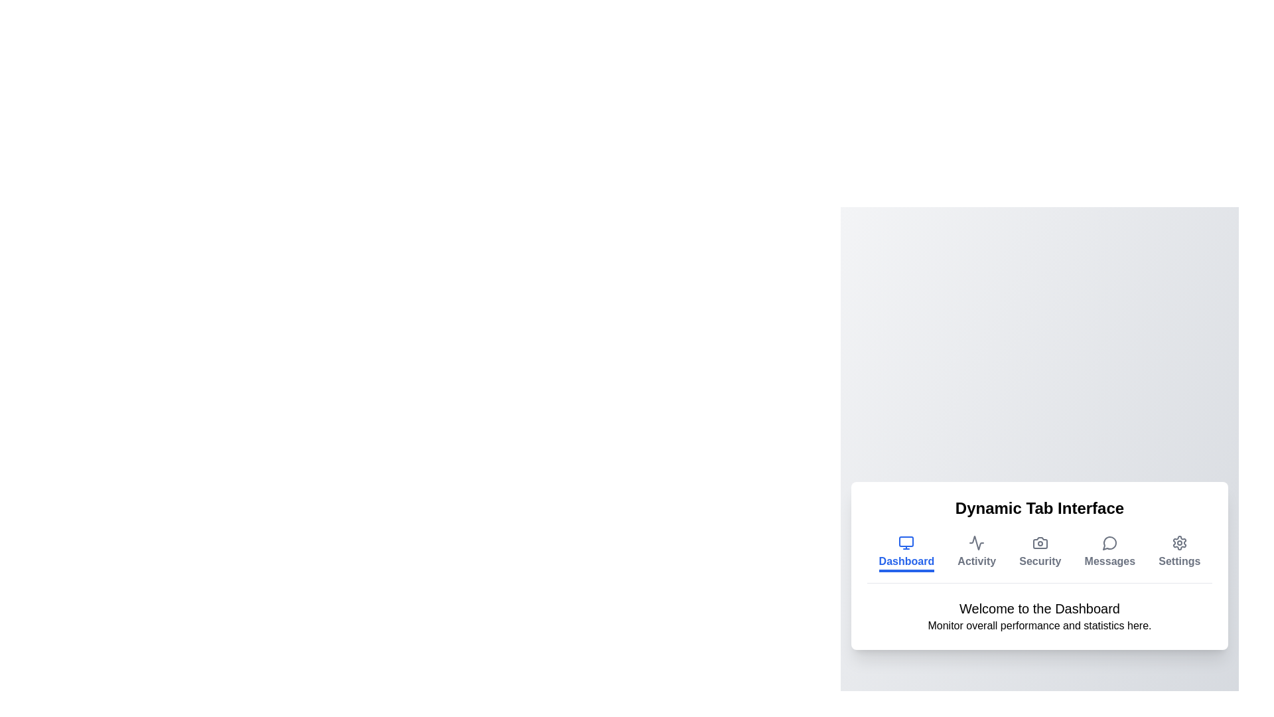 This screenshot has height=717, width=1274. Describe the element at coordinates (906, 541) in the screenshot. I see `central rectangular component of the monitor icon in the navigation dashboard interface using developer tools` at that location.